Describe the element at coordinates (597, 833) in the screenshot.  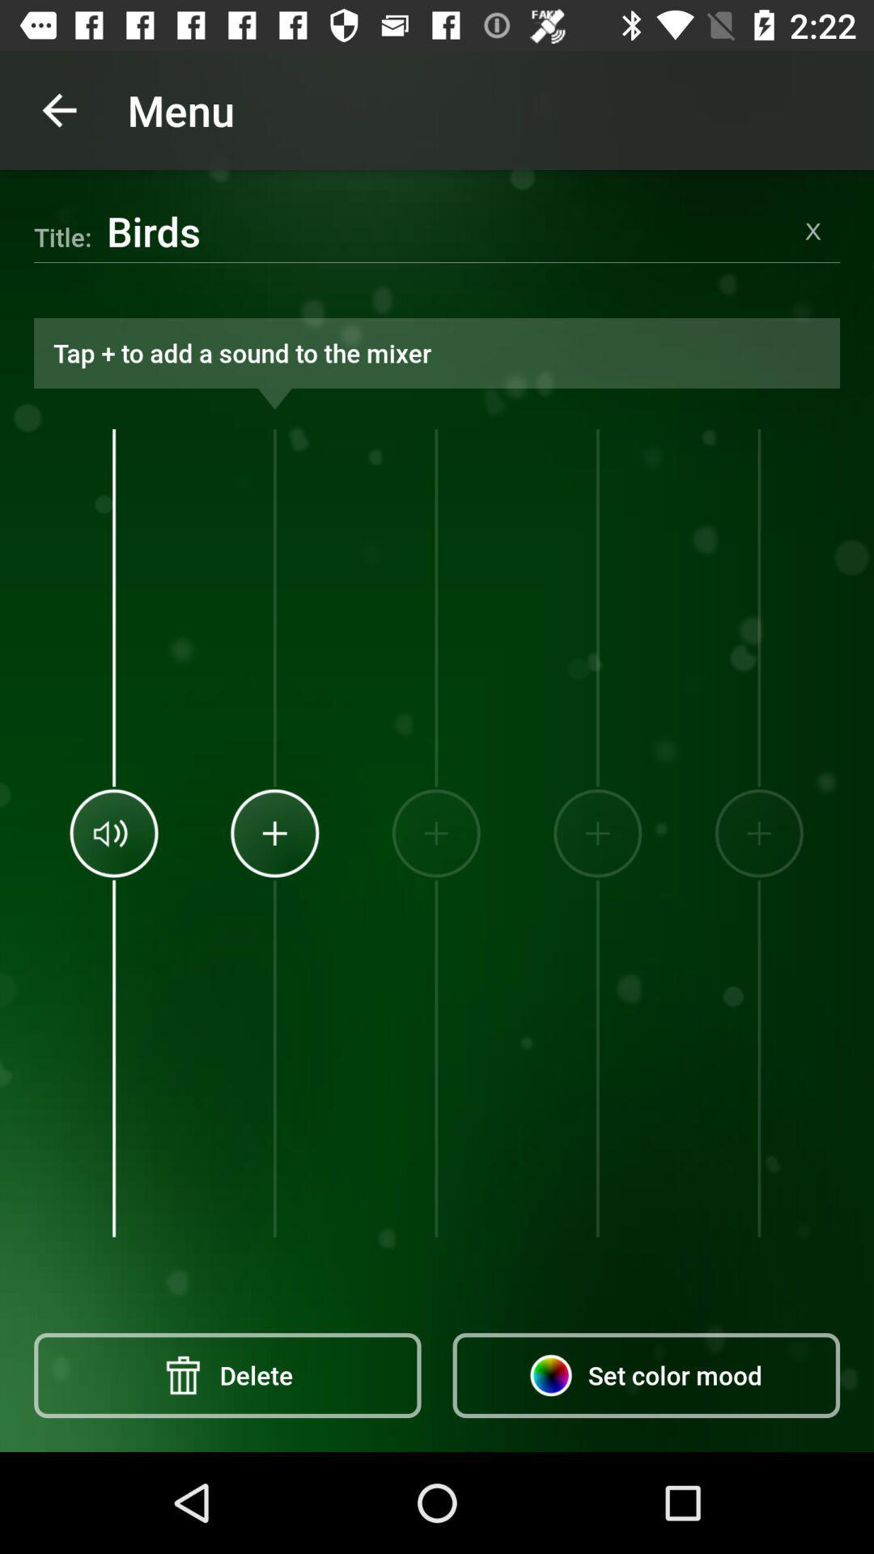
I see `the item above set color mood icon` at that location.